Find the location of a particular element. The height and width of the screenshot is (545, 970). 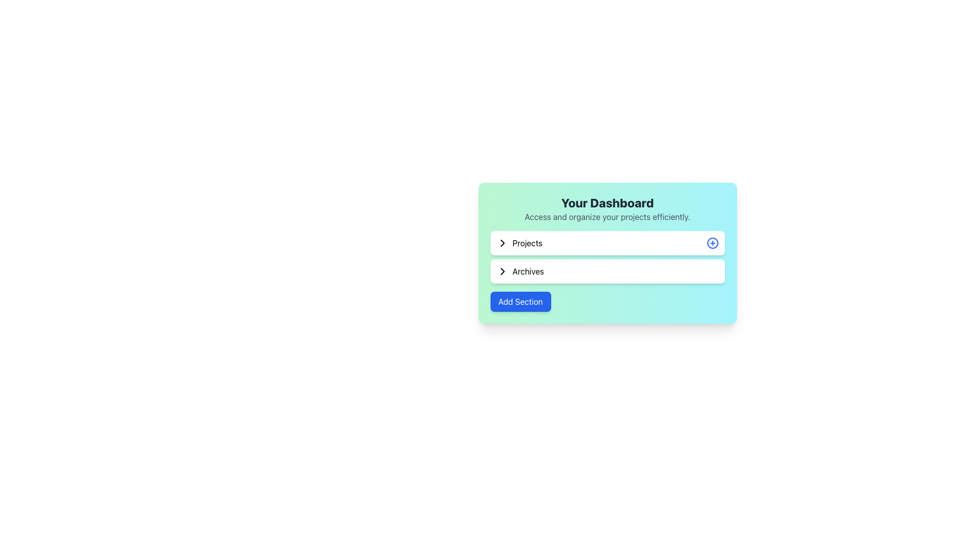

the blue button with white text labeled 'Add Section' located at the bottom-left of the 'Your Dashboard' card layout is located at coordinates (520, 301).